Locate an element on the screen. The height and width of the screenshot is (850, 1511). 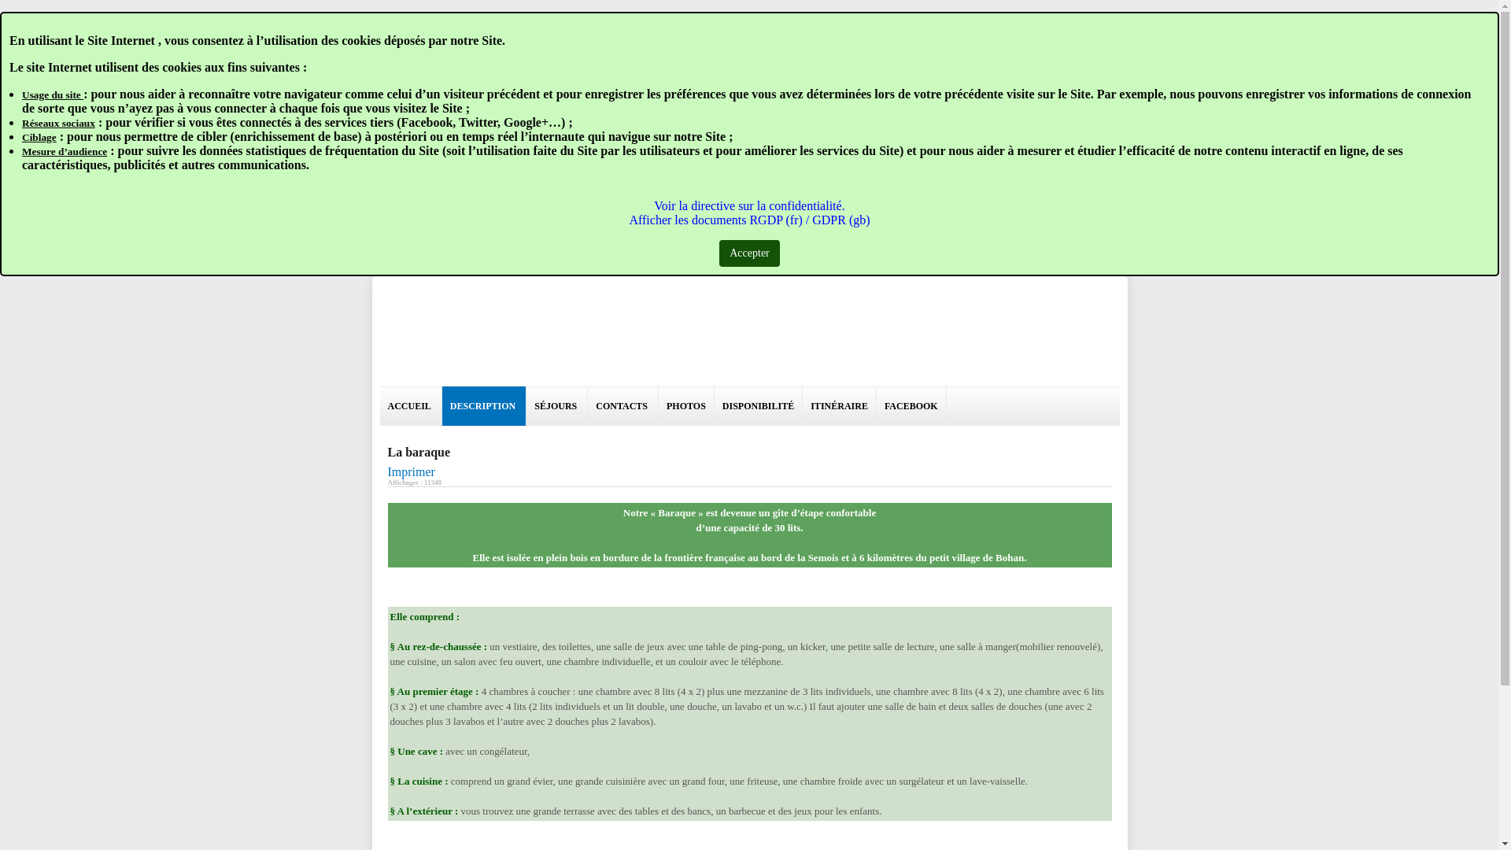
'Afficher les documents RGDP (fr) / GDPR (gb)' is located at coordinates (748, 220).